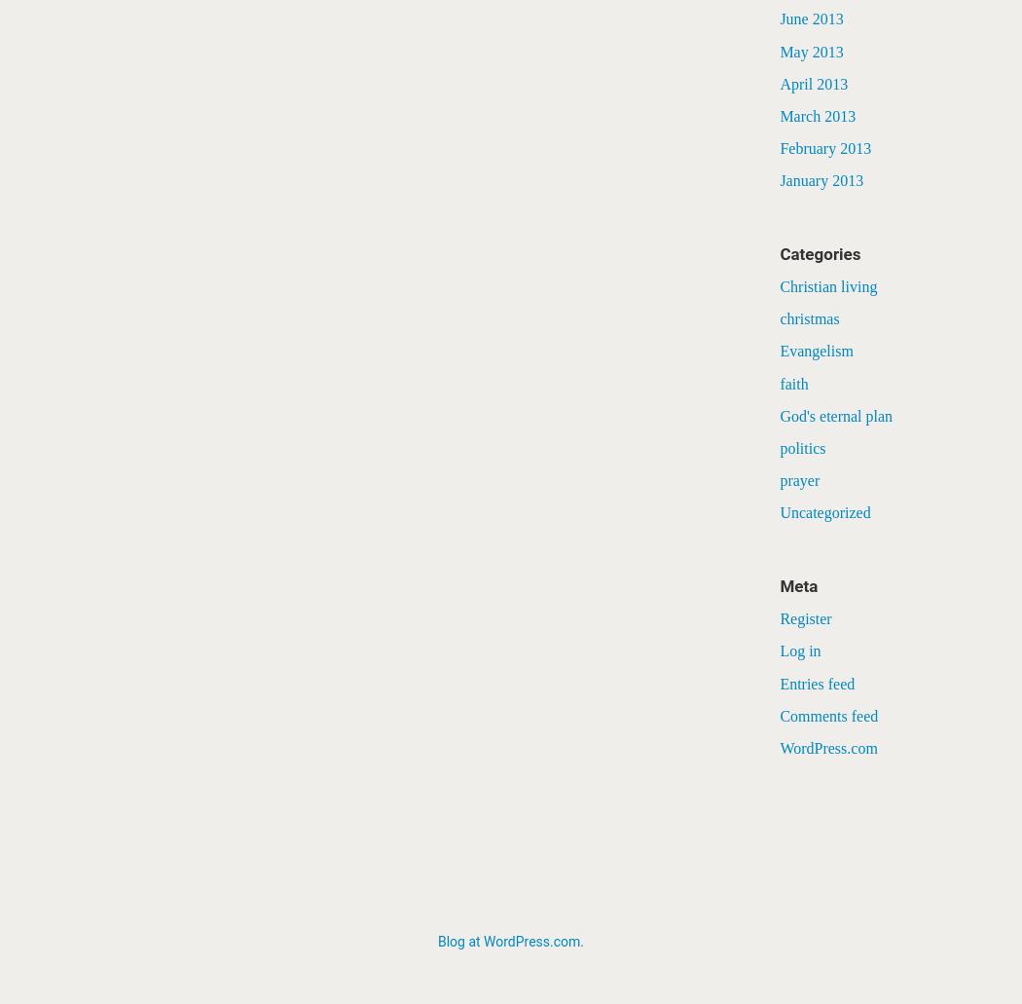 This screenshot has height=1004, width=1022. Describe the element at coordinates (818, 114) in the screenshot. I see `'March 2013'` at that location.